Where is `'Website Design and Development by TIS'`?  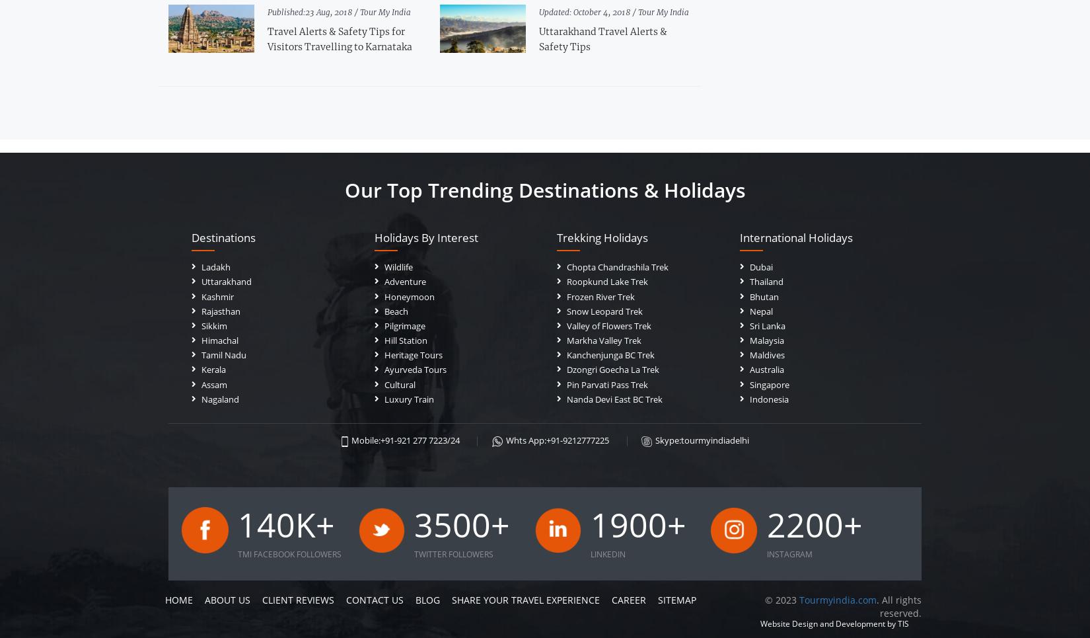
'Website Design and Development by TIS' is located at coordinates (834, 623).